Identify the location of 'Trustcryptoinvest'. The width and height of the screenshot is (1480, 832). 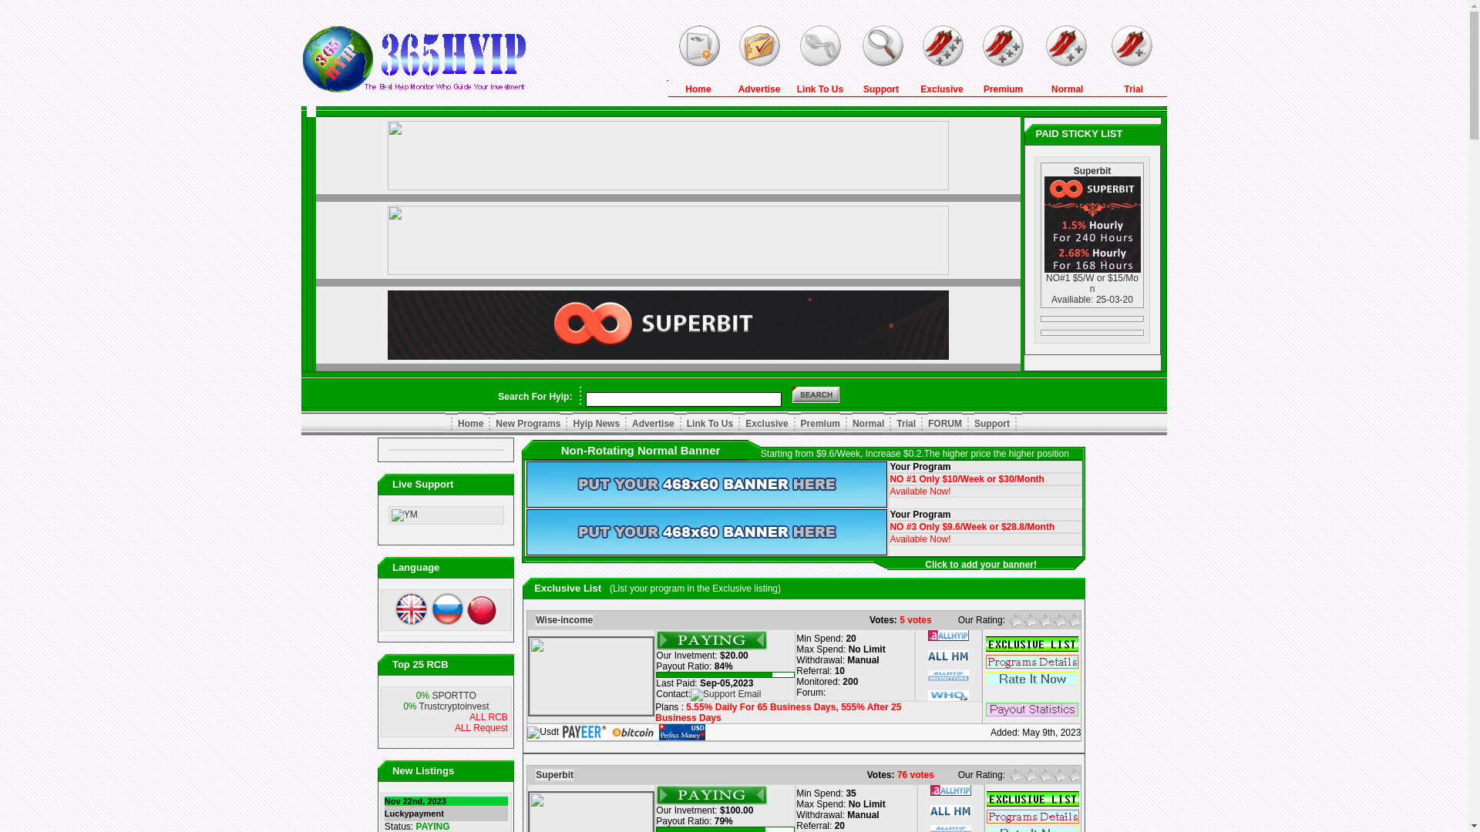
(453, 706).